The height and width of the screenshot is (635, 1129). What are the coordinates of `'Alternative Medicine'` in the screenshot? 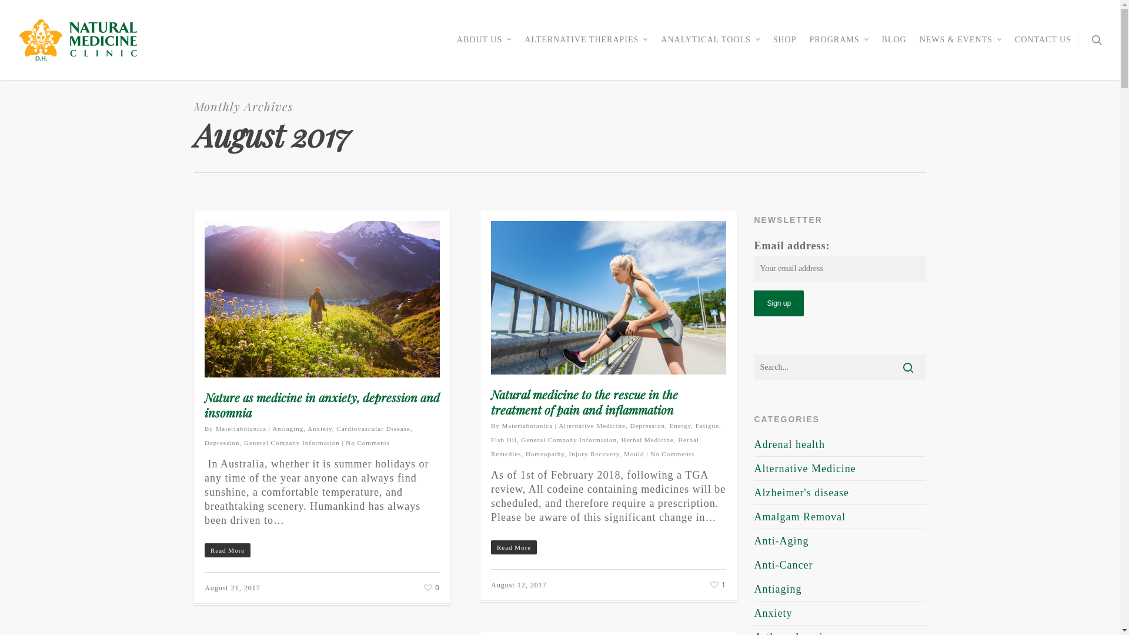 It's located at (592, 426).